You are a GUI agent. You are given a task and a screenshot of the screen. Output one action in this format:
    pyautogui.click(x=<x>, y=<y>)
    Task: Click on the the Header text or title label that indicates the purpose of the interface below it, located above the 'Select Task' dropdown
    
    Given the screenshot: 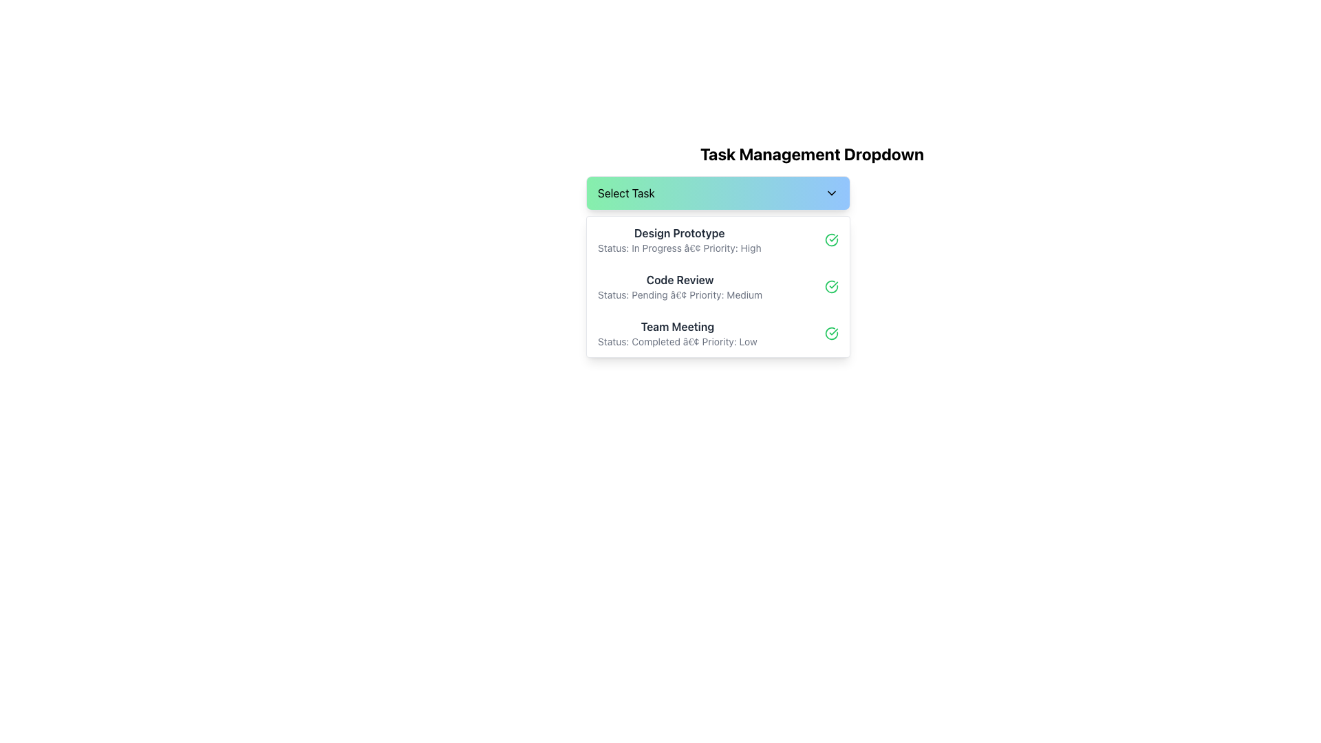 What is the action you would take?
    pyautogui.click(x=812, y=153)
    